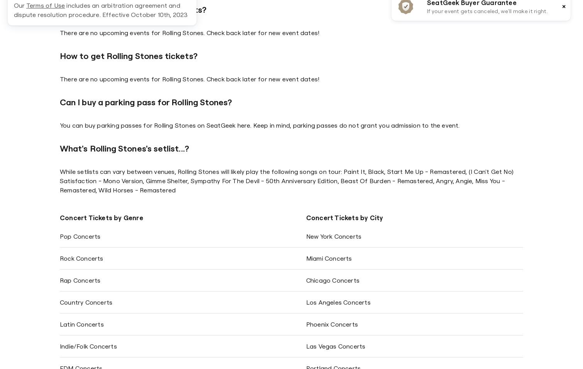  Describe the element at coordinates (80, 236) in the screenshot. I see `'Pop Concerts'` at that location.